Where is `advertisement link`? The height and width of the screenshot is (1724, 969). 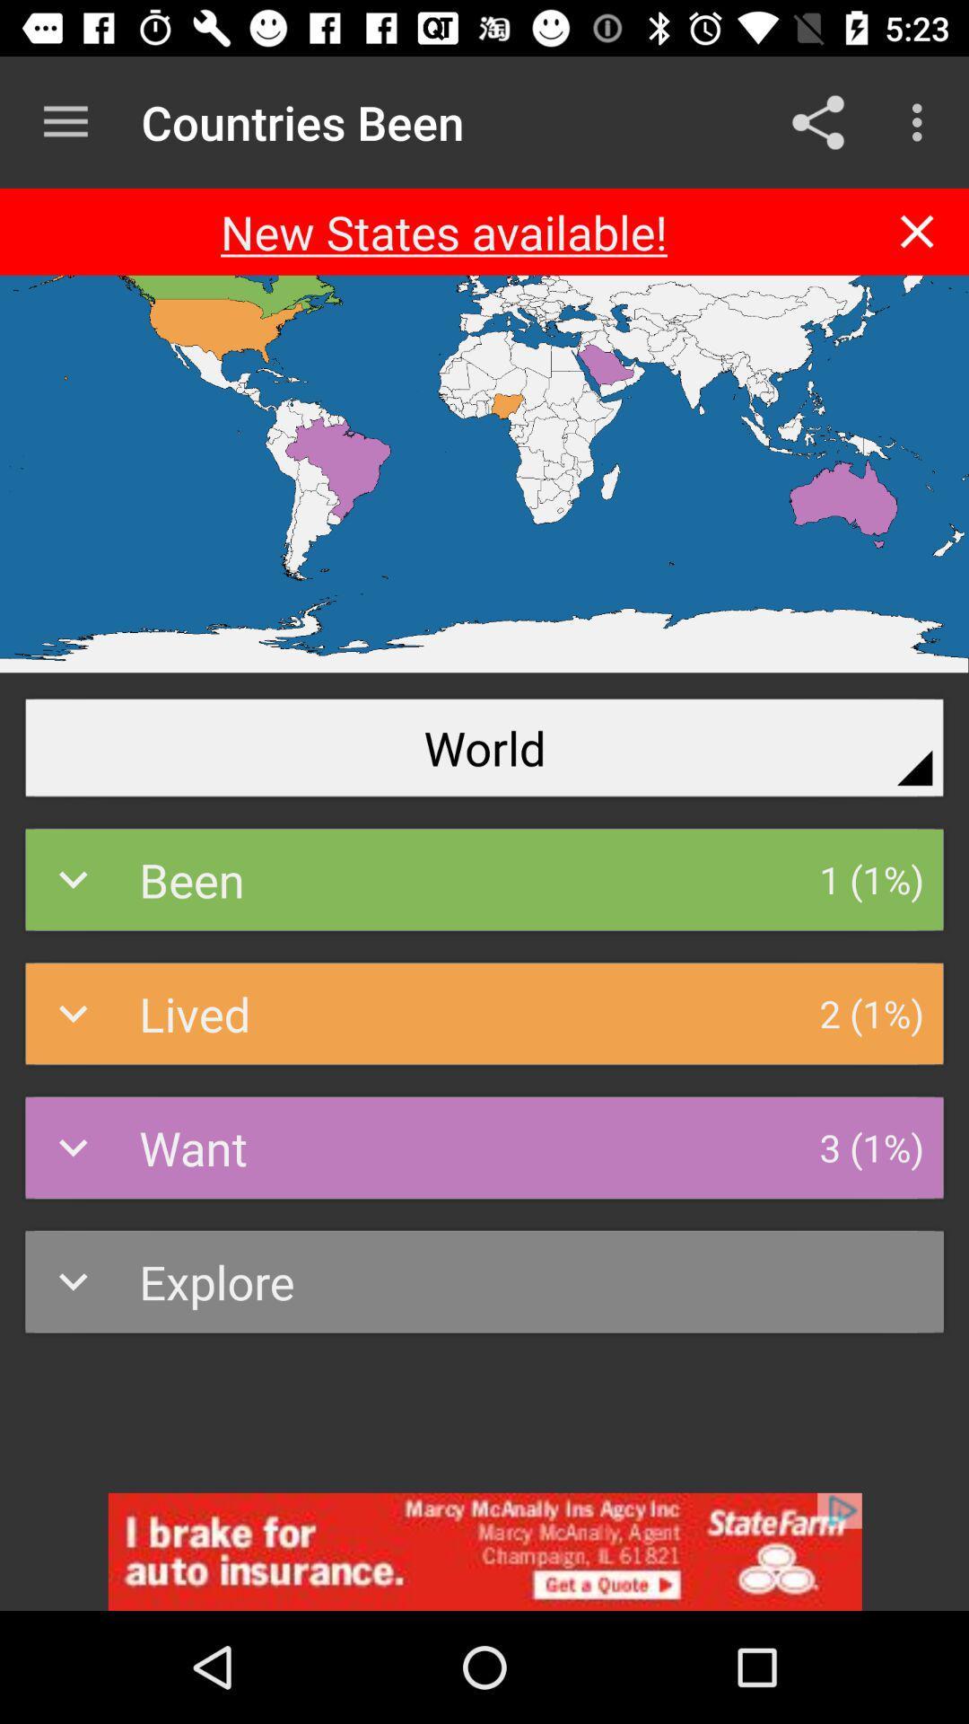
advertisement link is located at coordinates (484, 1551).